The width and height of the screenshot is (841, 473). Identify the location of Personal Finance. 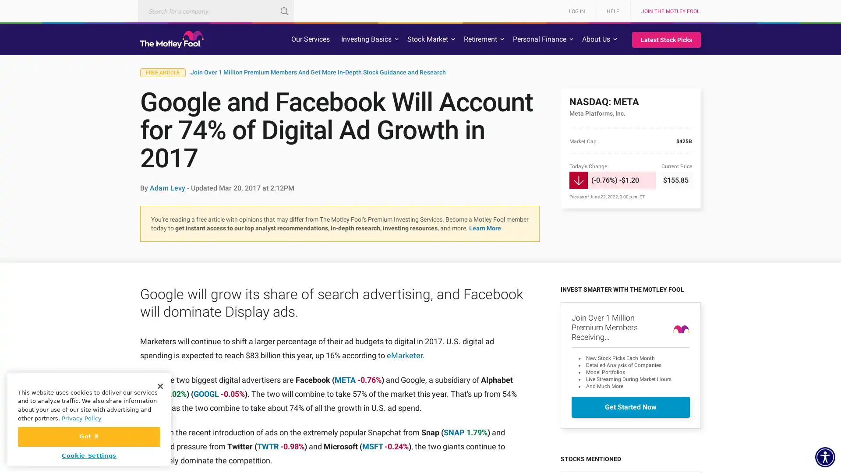
(539, 39).